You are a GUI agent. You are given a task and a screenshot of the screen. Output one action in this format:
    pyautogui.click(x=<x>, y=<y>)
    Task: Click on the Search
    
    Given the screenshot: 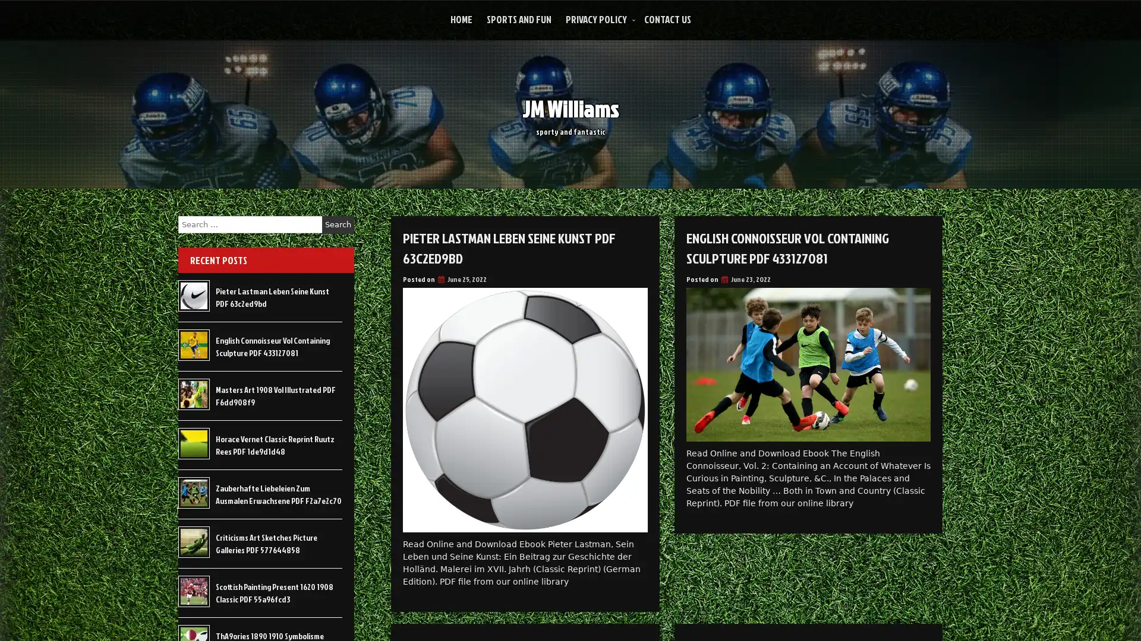 What is the action you would take?
    pyautogui.click(x=338, y=224)
    